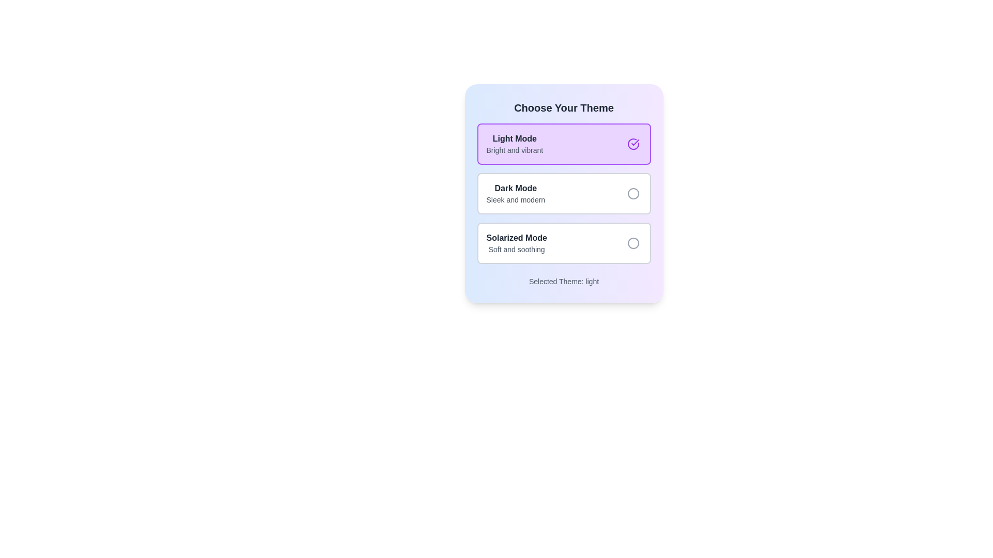 This screenshot has height=558, width=993. Describe the element at coordinates (633, 243) in the screenshot. I see `the gray circular radio button aligned with the 'Solarized Mode' theme option` at that location.